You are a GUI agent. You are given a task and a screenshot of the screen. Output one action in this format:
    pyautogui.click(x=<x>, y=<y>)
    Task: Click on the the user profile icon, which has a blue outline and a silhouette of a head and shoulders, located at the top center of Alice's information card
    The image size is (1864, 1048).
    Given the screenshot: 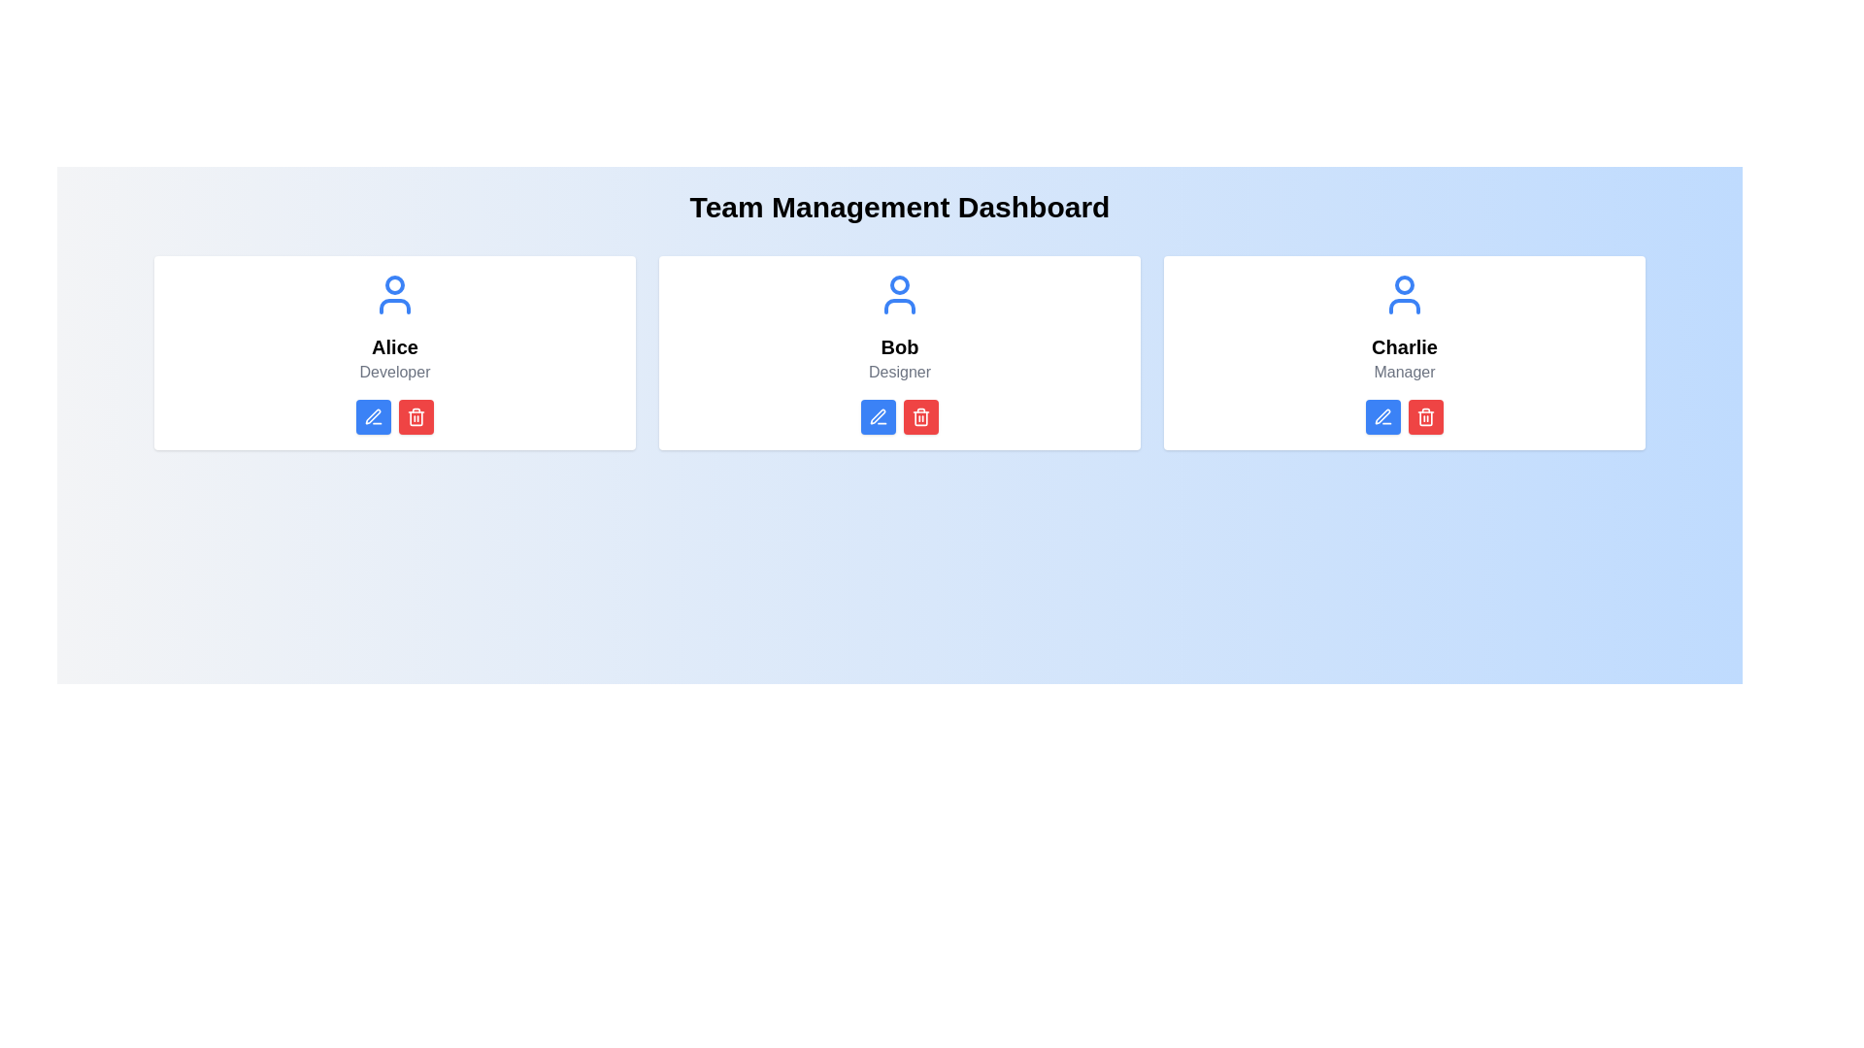 What is the action you would take?
    pyautogui.click(x=394, y=295)
    